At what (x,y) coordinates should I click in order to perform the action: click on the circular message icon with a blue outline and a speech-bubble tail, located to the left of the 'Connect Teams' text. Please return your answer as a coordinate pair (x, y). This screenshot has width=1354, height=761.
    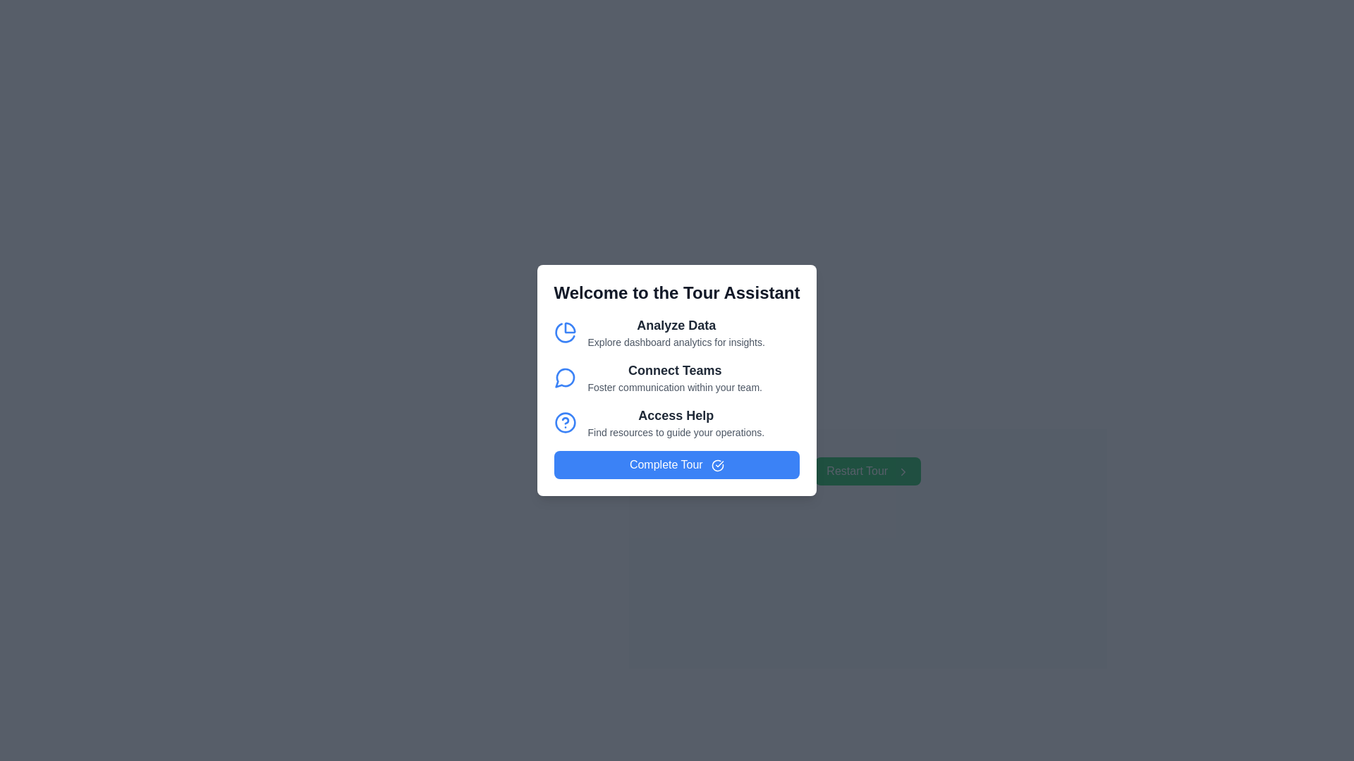
    Looking at the image, I should click on (565, 377).